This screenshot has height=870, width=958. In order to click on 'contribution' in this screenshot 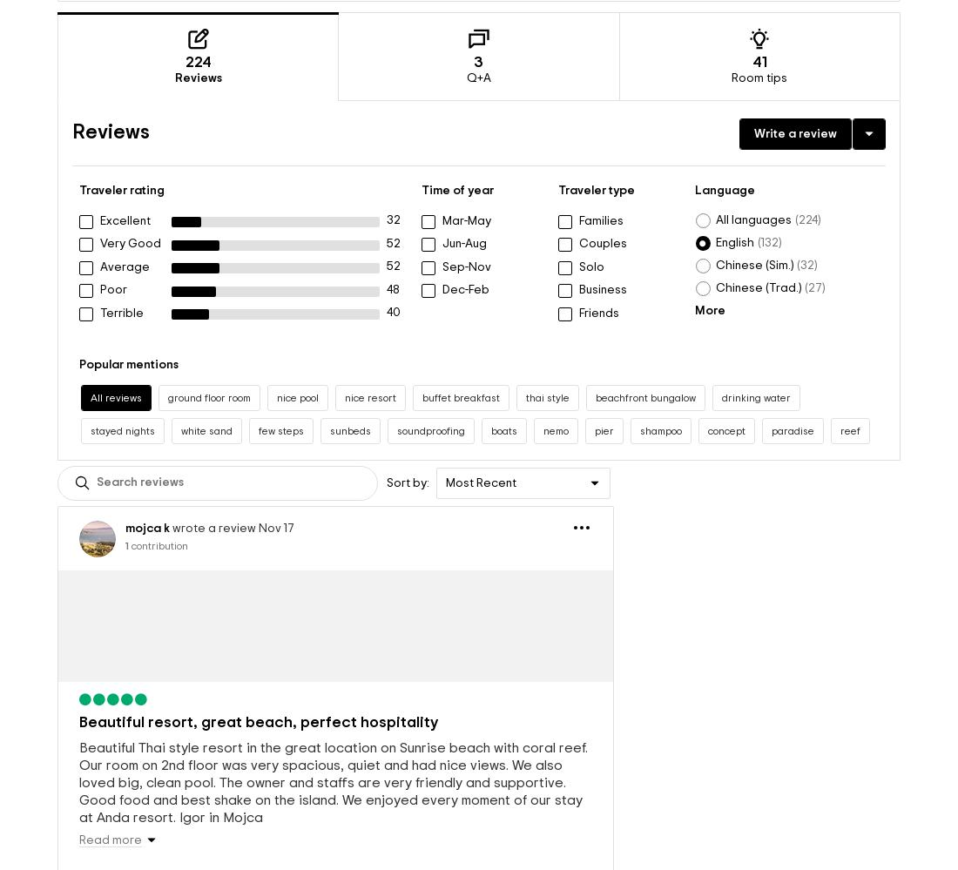, I will do `click(127, 517)`.